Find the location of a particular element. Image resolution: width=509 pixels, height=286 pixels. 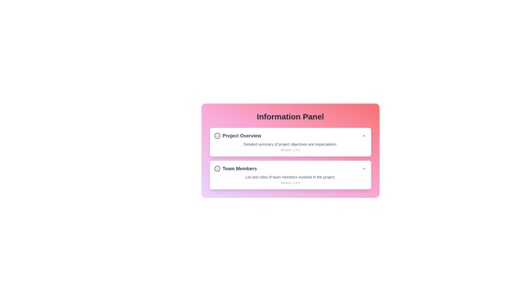

information presented in the text block located in the 'Team Members' section, which describes the roles of team members and the version of the project is located at coordinates (290, 179).